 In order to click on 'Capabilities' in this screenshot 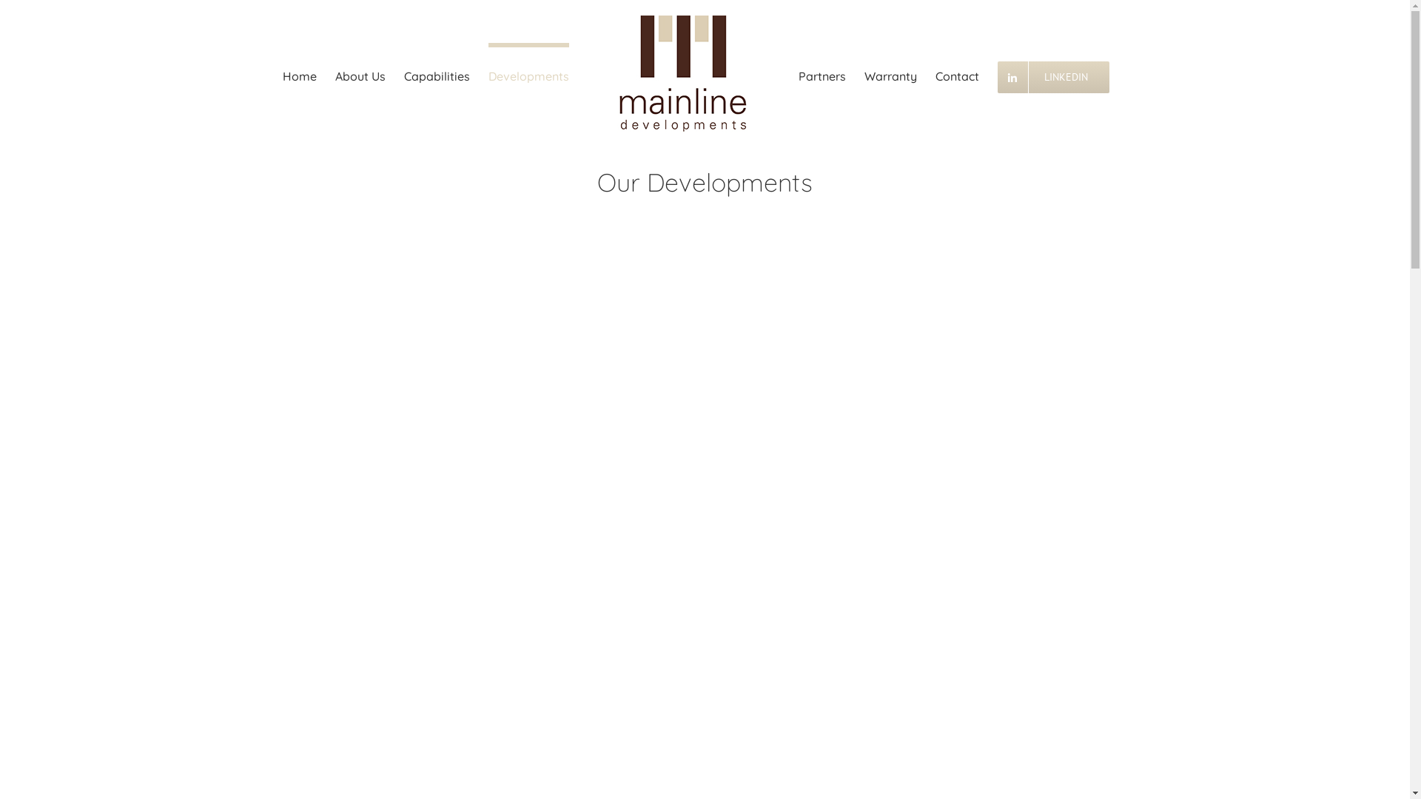, I will do `click(436, 74)`.